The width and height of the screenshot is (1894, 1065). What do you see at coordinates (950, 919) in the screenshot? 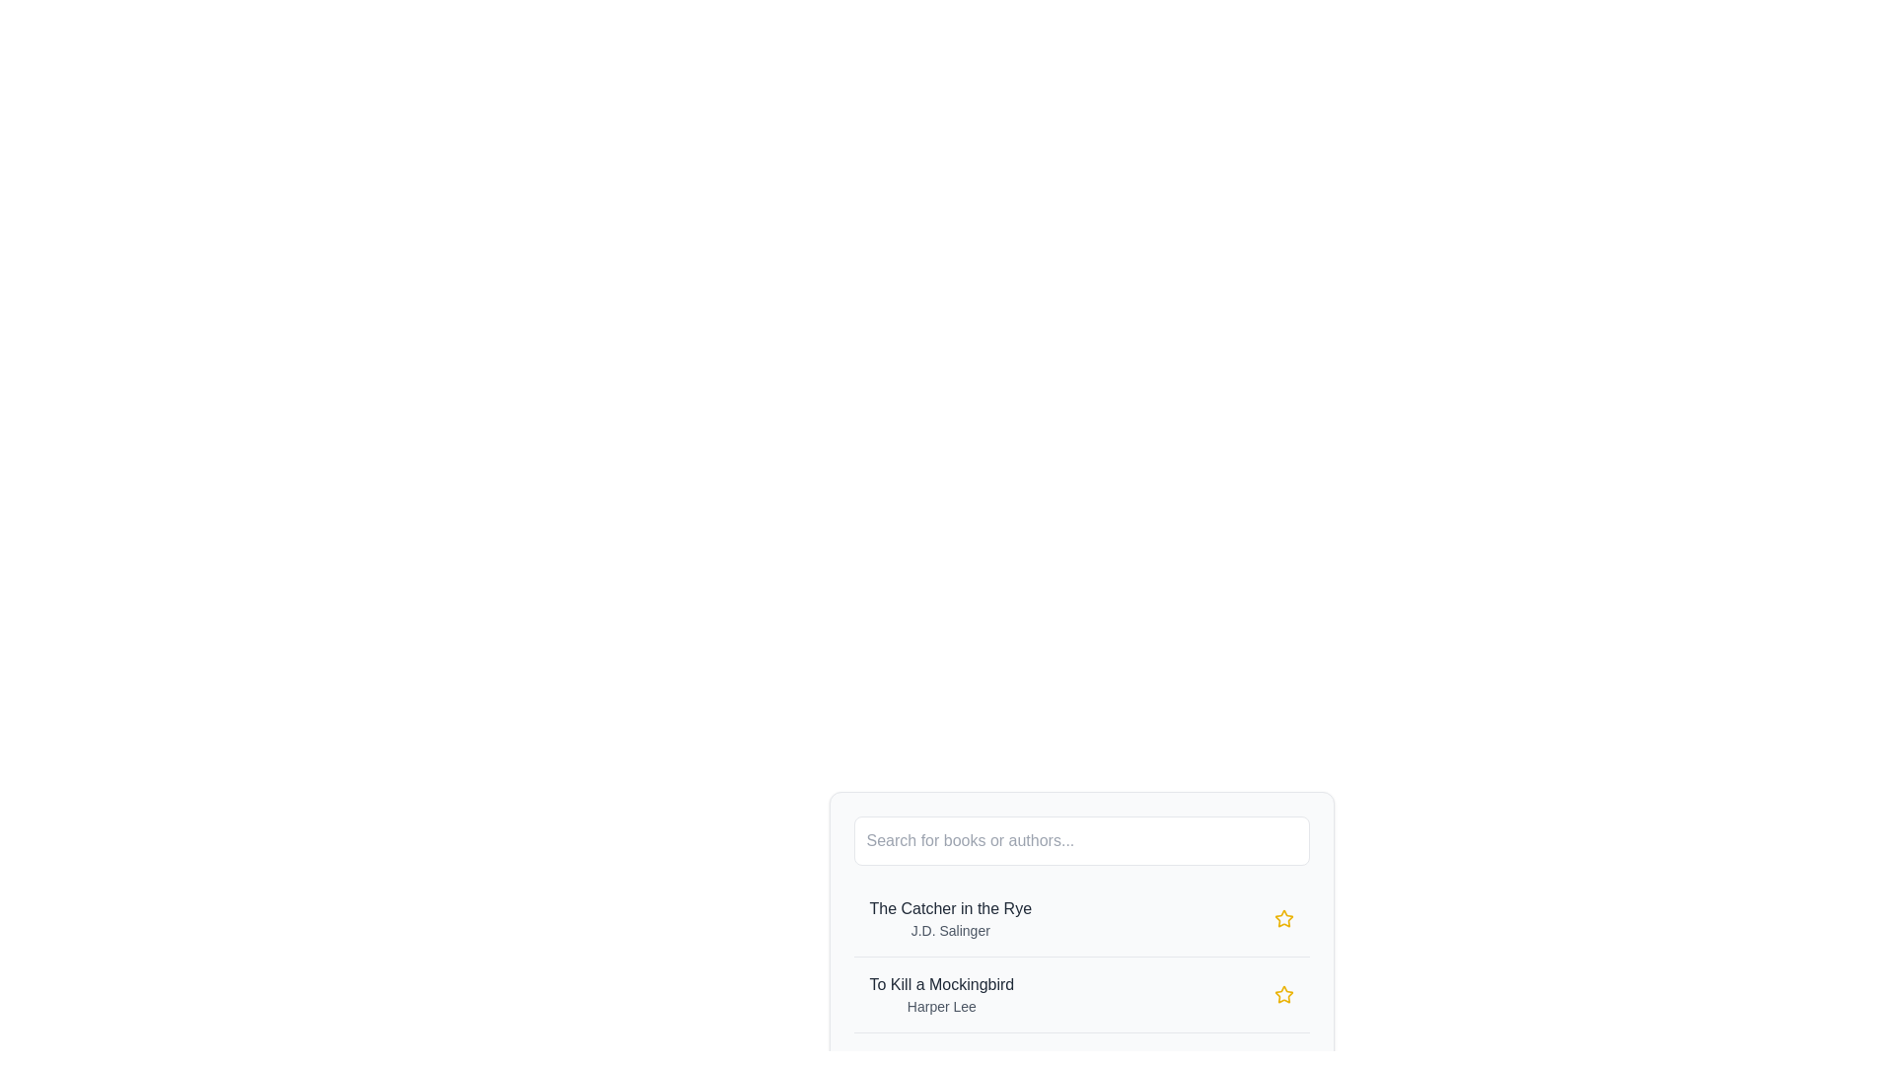
I see `to select the book titled 'The Catcher in the Rye' by author 'J.D. Salinger', which is the topmost entry in the list of similar elements` at bounding box center [950, 919].